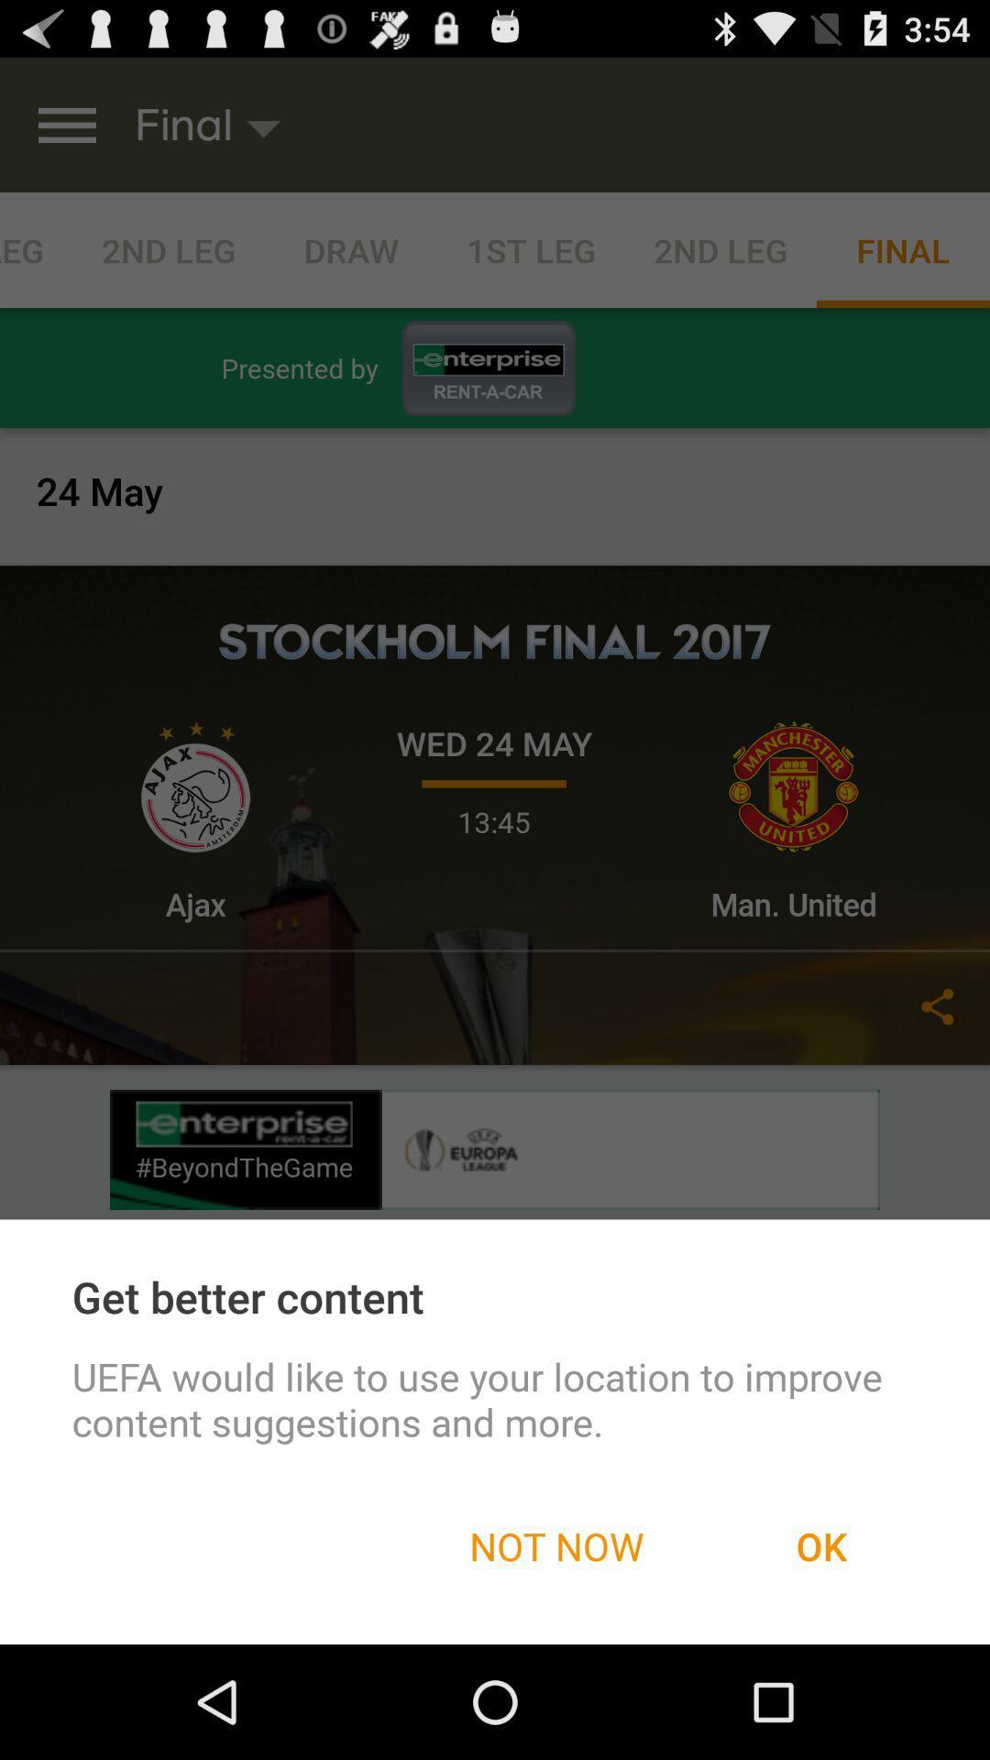 The width and height of the screenshot is (990, 1760). I want to click on the icon at the center, so click(495, 850).